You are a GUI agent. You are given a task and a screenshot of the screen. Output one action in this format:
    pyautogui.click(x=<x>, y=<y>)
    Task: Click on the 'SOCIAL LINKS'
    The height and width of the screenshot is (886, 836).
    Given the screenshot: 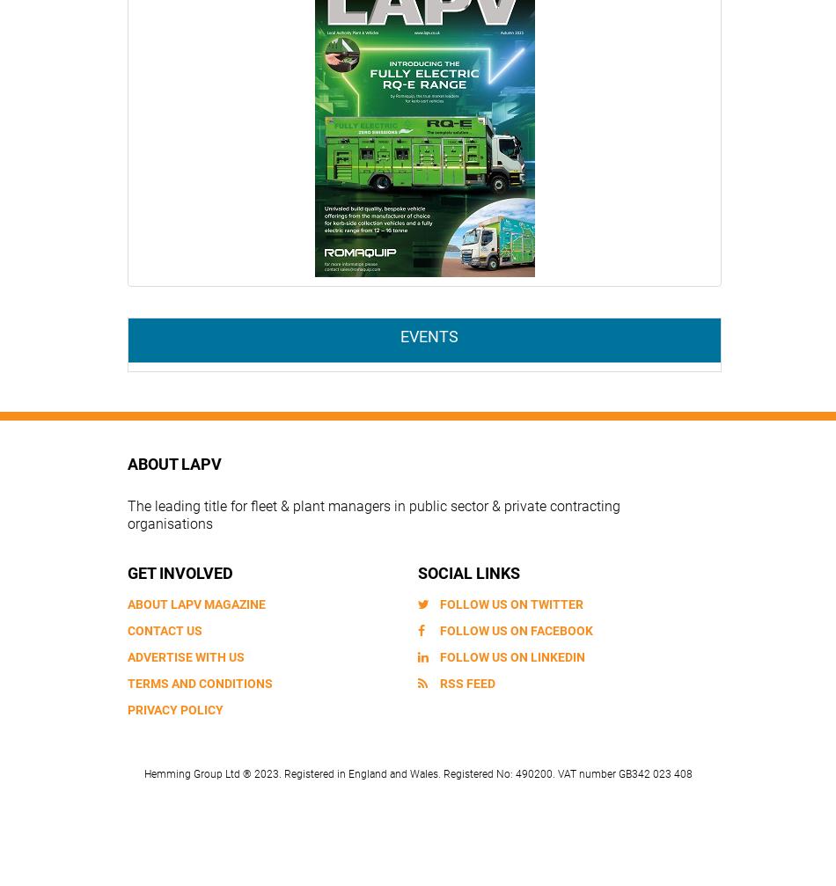 What is the action you would take?
    pyautogui.click(x=469, y=571)
    